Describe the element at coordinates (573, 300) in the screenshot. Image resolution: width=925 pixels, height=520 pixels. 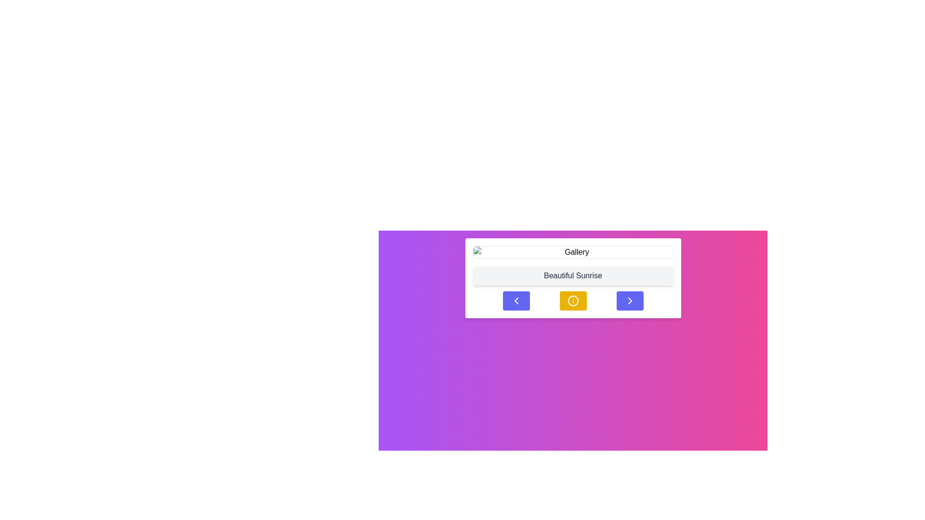
I see `the help/info button located centrally in the bottom button group of the card-like UI component to highlight it` at that location.